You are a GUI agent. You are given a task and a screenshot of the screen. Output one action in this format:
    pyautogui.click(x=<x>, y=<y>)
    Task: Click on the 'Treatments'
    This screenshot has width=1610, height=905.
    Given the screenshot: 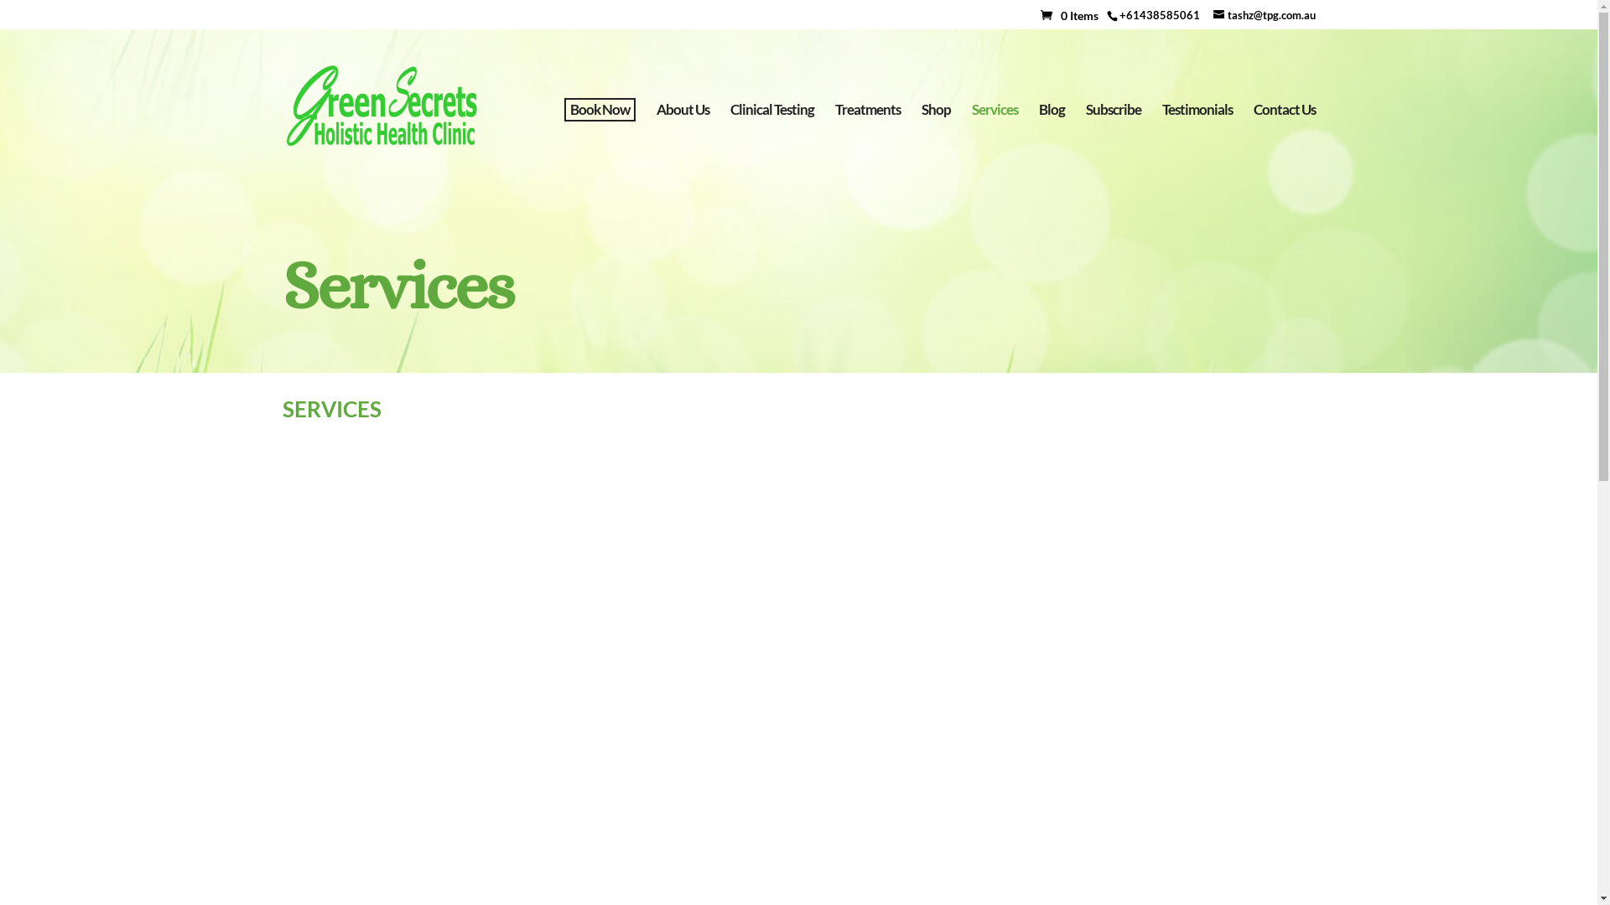 What is the action you would take?
    pyautogui.click(x=868, y=143)
    